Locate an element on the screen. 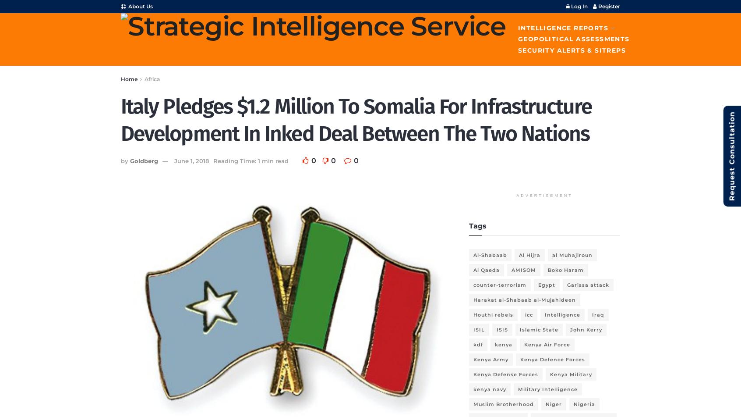  'Italy Pledges $1.2 Million To Somalia For Infrastructure Development In Inked Deal Between The Two Nations' is located at coordinates (120, 120).